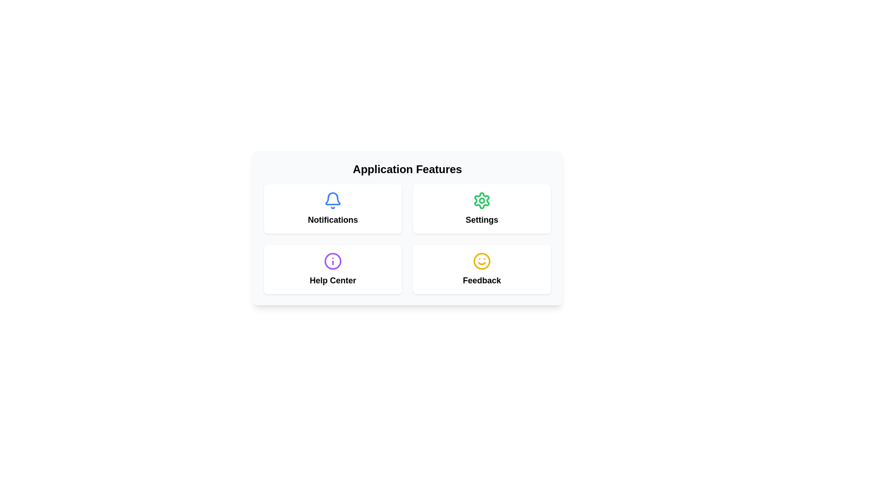 The image size is (883, 496). Describe the element at coordinates (481, 220) in the screenshot. I see `the 'Settings' text label, which is displayed in a large, bold font and is positioned below the settings icon in the grid layout` at that location.